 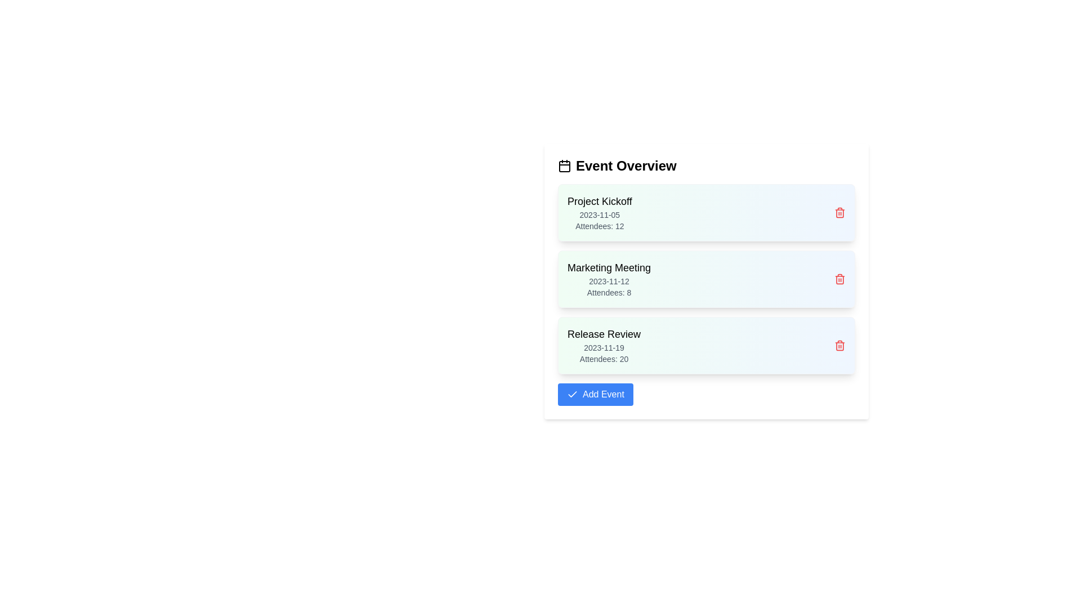 I want to click on 'Add Event' button to initiate adding a new event, so click(x=594, y=394).